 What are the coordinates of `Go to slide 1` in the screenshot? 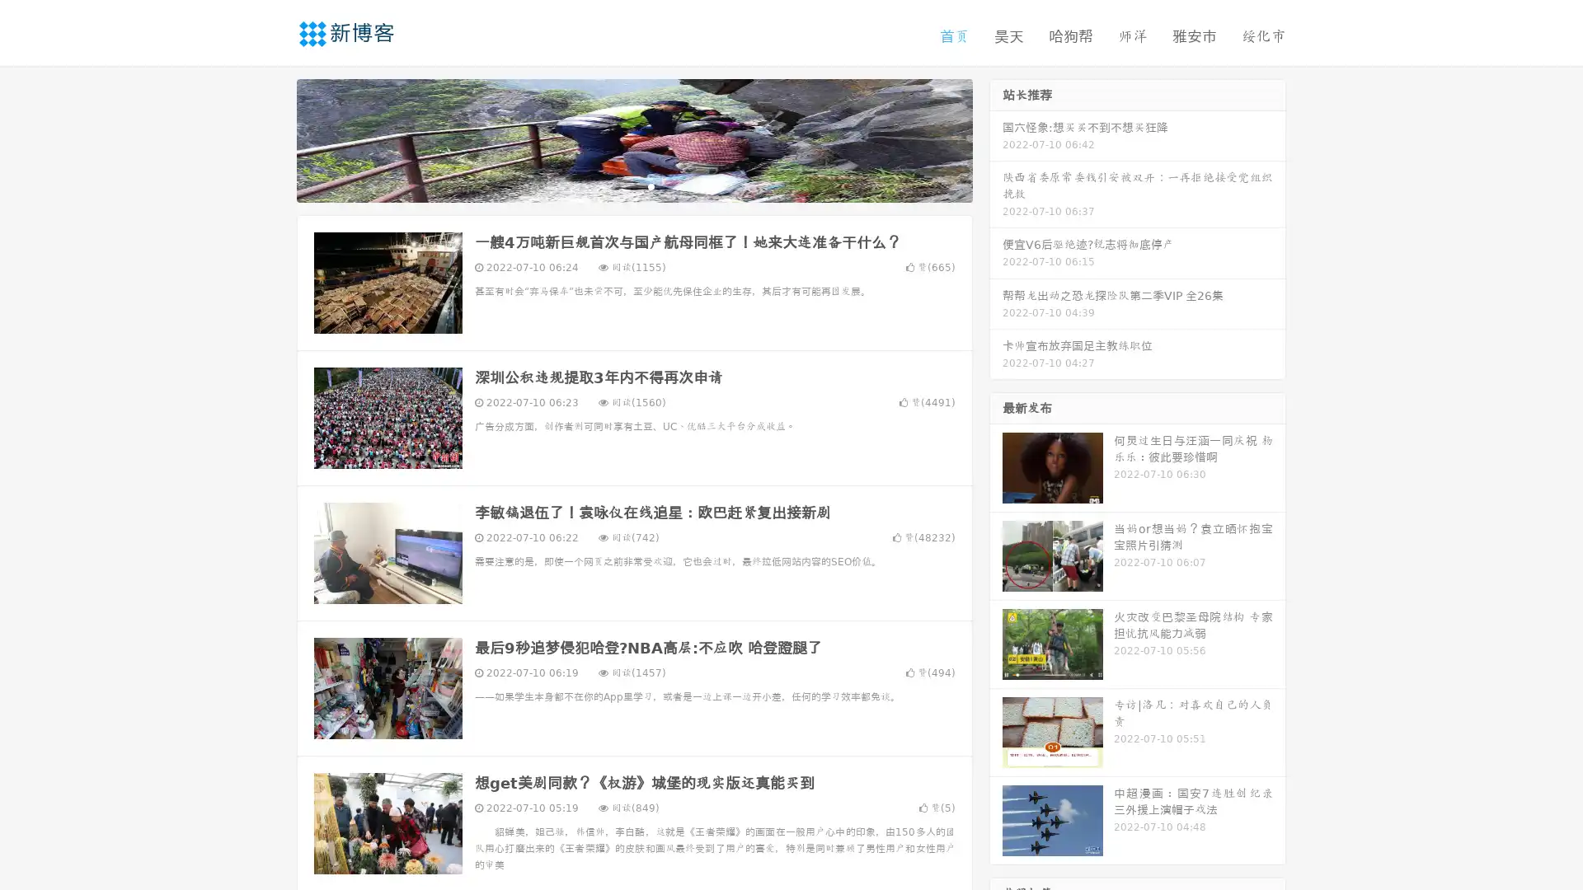 It's located at (617, 185).